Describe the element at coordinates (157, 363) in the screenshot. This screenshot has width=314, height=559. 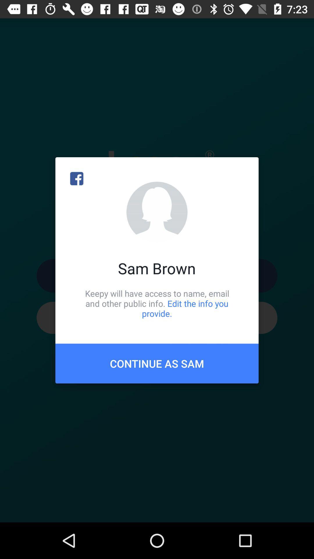
I see `continue as sam item` at that location.